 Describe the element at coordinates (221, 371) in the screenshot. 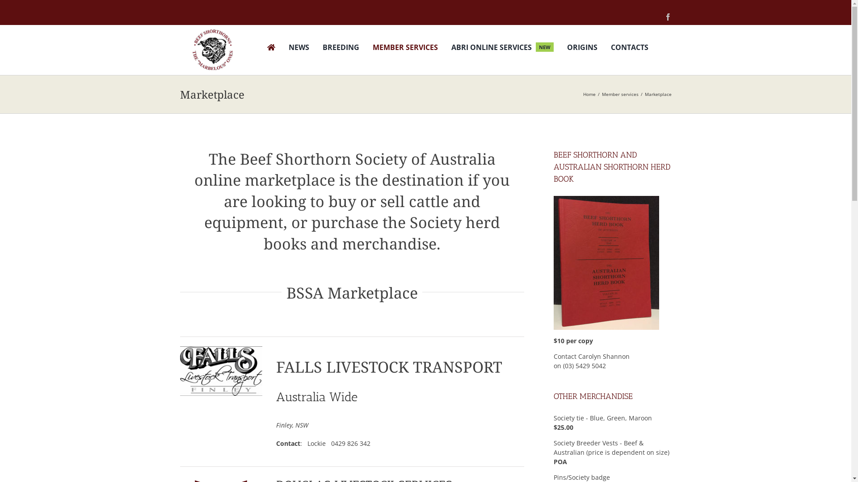

I see `'FLT new logo'` at that location.